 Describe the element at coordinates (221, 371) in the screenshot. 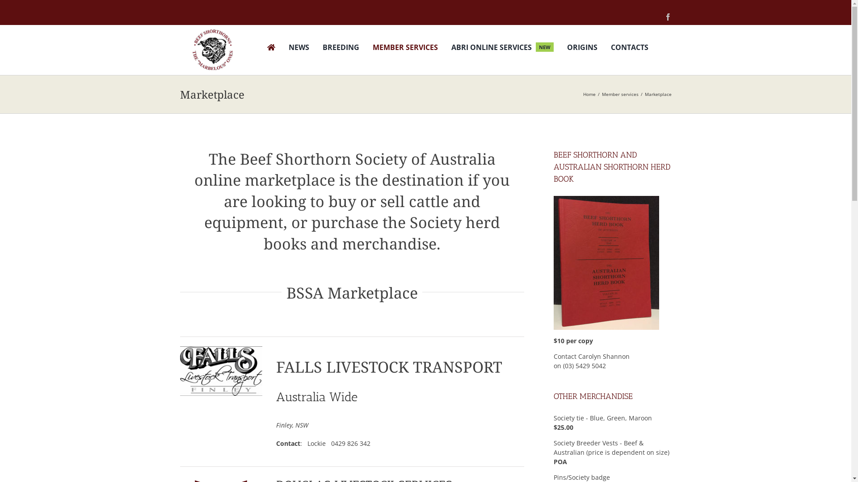

I see `'FLT new logo'` at that location.